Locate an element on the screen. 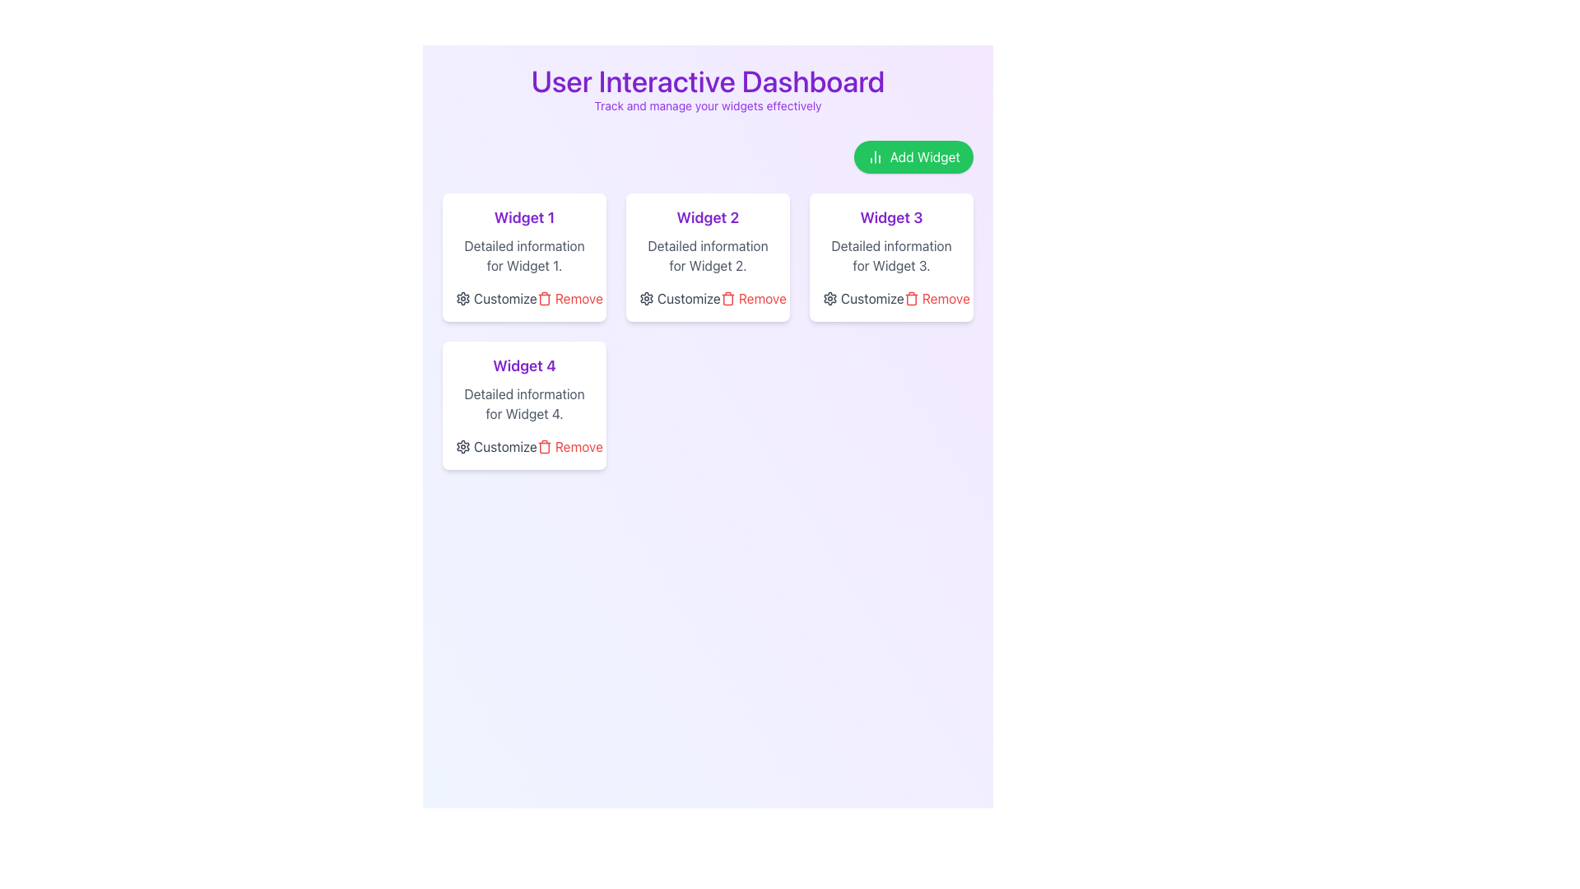 The image size is (1580, 889). the 'Customize' button for 'Widget 2' to change its color is located at coordinates (680, 298).